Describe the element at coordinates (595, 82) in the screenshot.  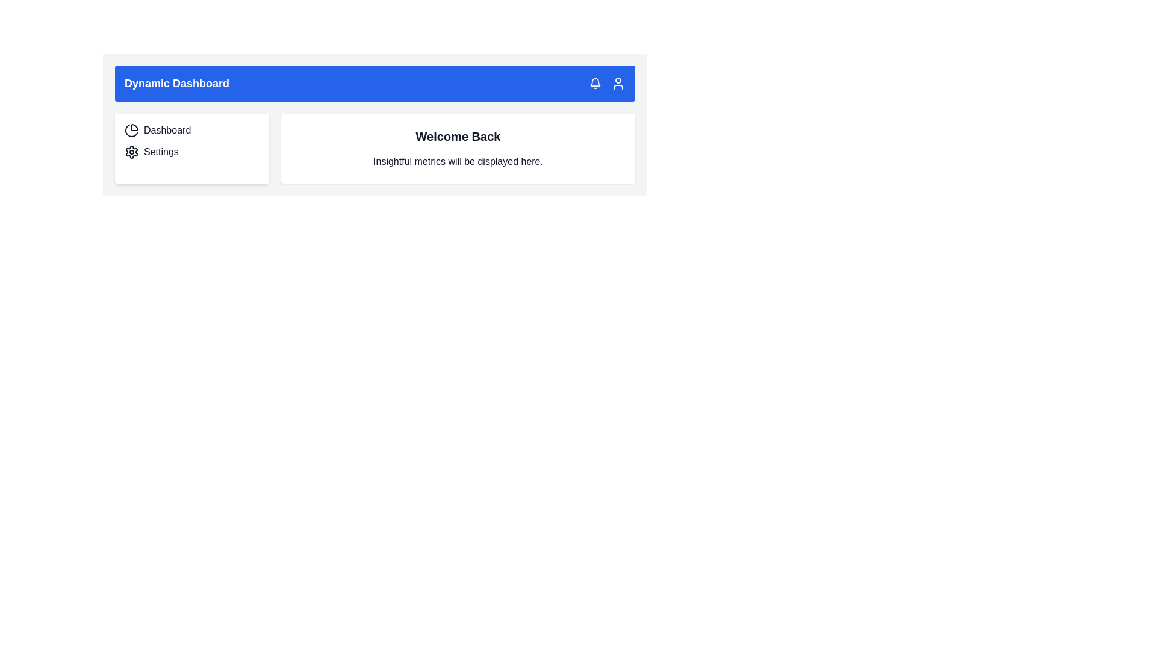
I see `the bell-shaped notification icon located` at that location.